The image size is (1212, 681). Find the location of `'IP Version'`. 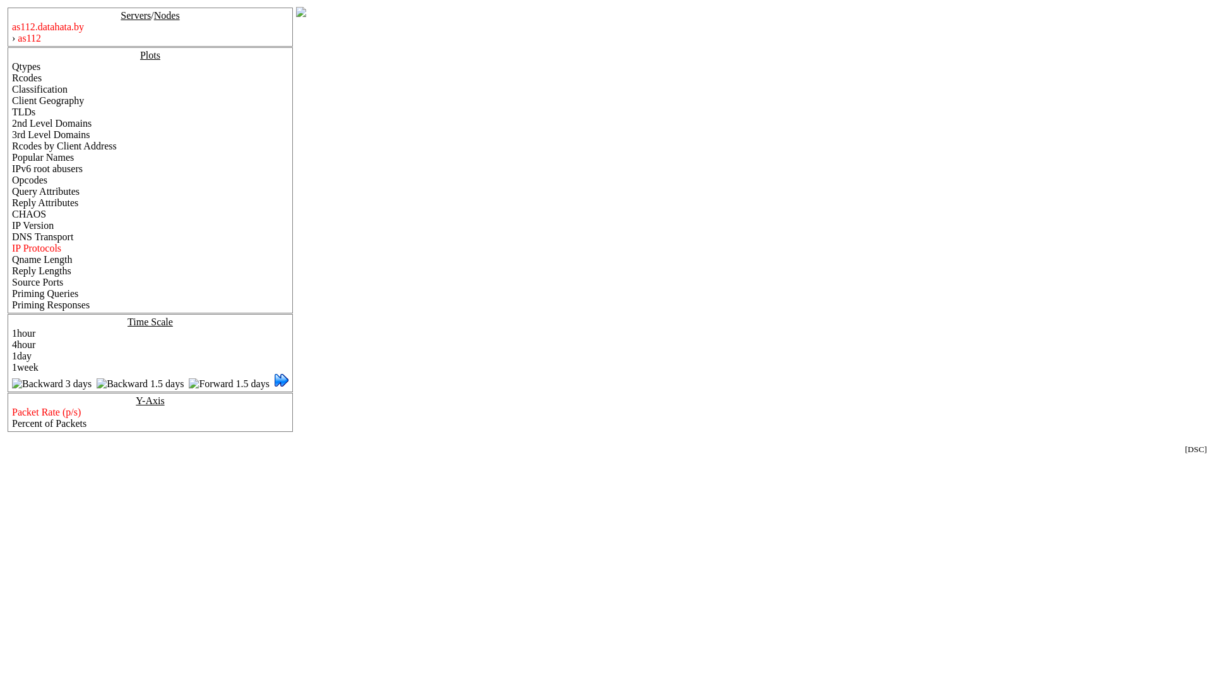

'IP Version' is located at coordinates (33, 224).